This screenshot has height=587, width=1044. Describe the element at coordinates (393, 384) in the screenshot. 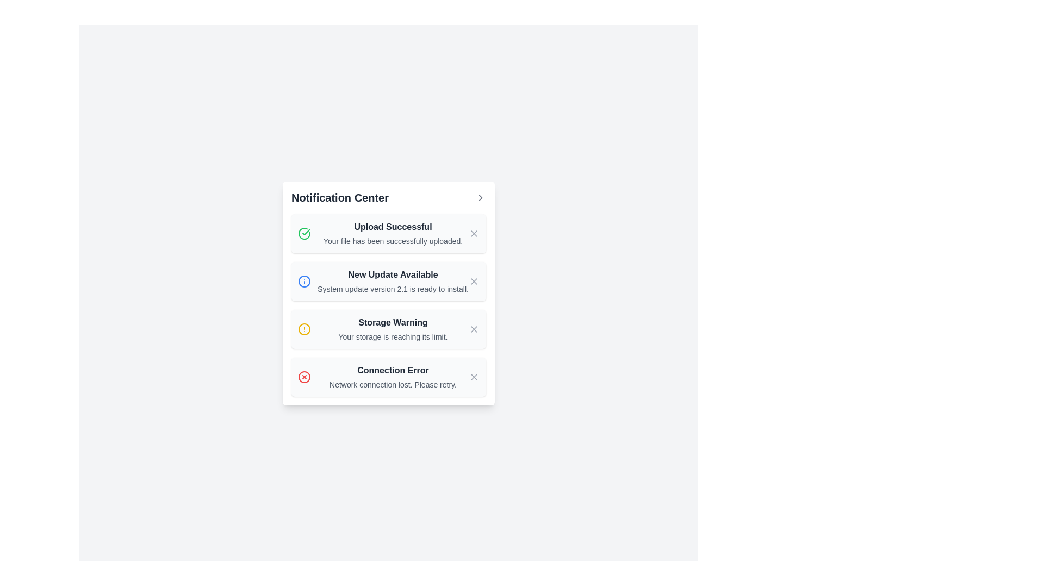

I see `the text label that informs the user about a network connectivity issue, located below the heading 'Connection Error' in the notification panel` at that location.